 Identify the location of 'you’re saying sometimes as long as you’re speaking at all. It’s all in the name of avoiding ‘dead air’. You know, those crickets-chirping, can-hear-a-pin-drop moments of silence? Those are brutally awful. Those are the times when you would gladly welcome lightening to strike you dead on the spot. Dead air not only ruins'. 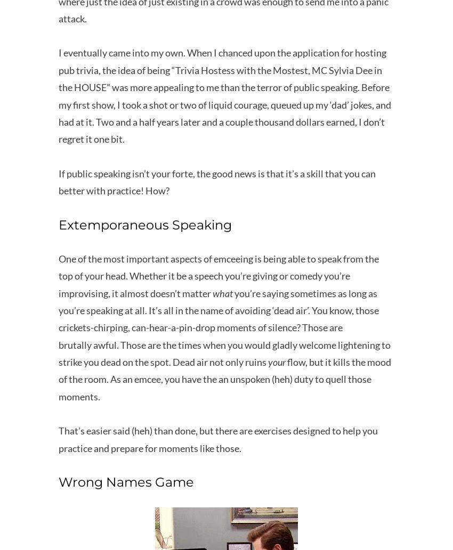
(224, 327).